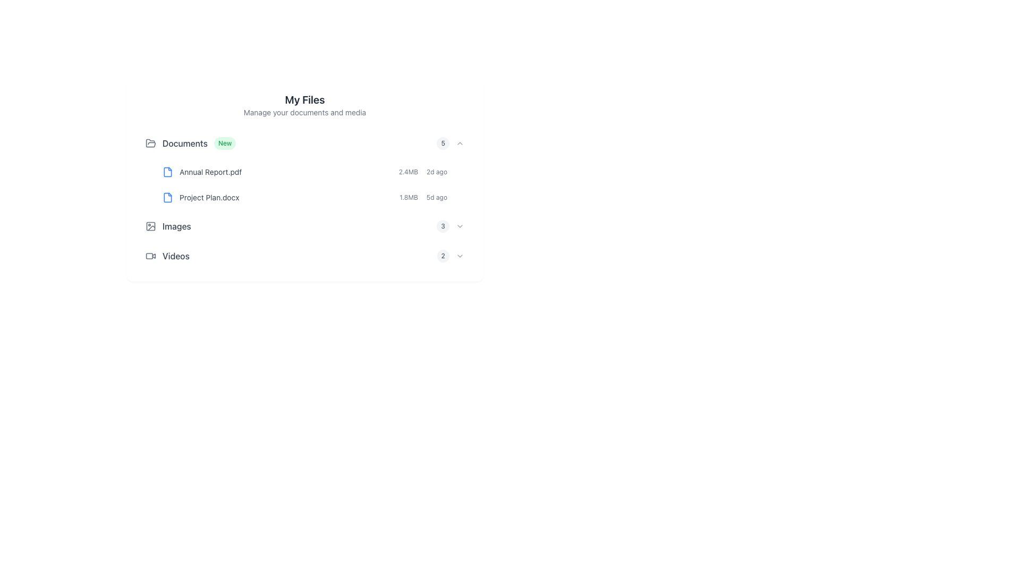  What do you see at coordinates (431, 172) in the screenshot?
I see `the Text Label displaying '2.4MB' and '2d ago', which is positioned to the right of the file entry 'Annual Report.pdf' in the metadata row` at bounding box center [431, 172].